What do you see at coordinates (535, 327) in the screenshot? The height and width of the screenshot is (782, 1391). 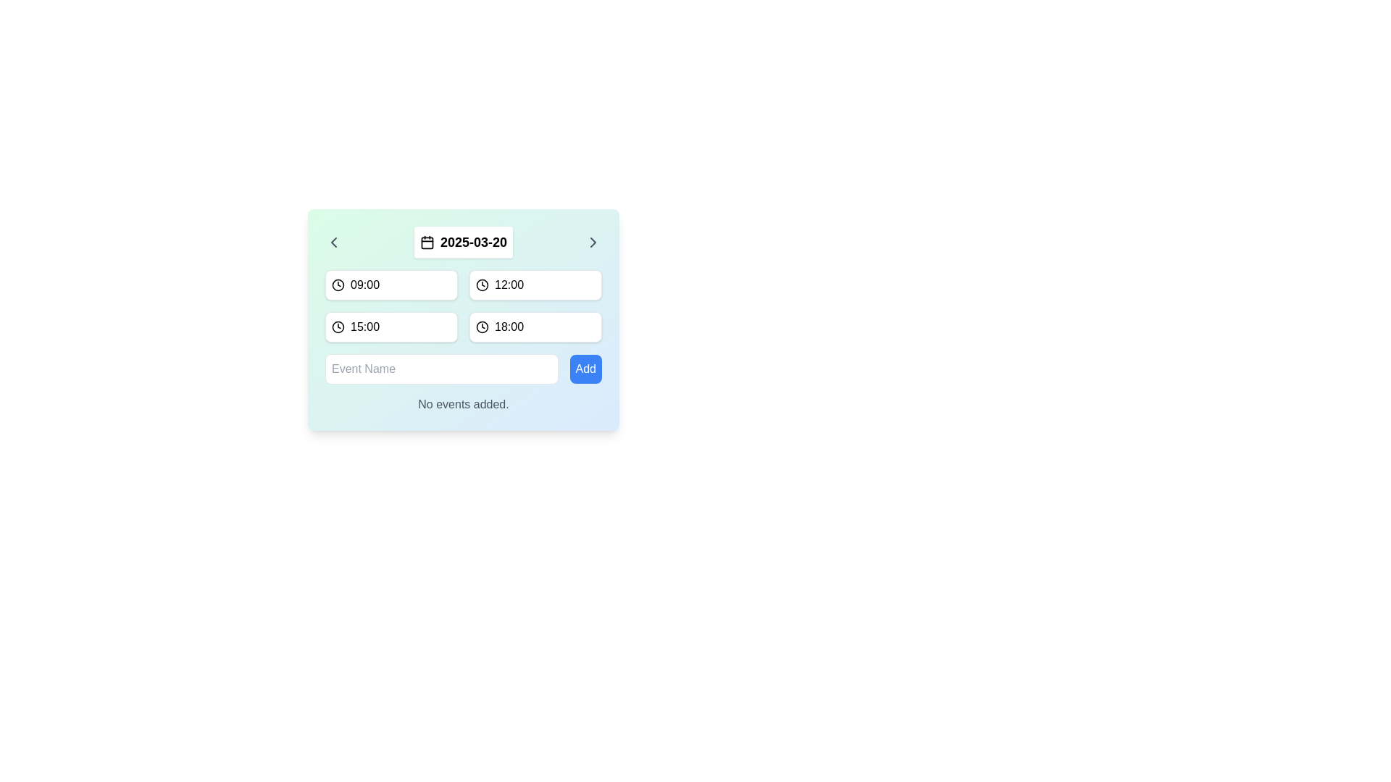 I see `keyboard navigation` at bounding box center [535, 327].